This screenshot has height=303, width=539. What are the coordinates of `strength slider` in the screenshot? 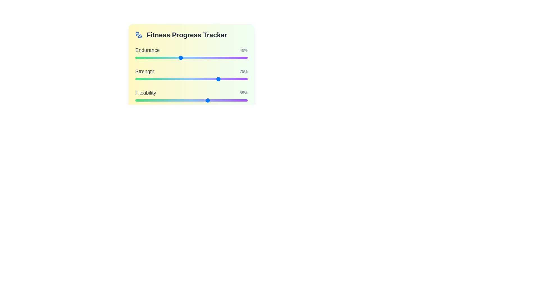 It's located at (152, 79).